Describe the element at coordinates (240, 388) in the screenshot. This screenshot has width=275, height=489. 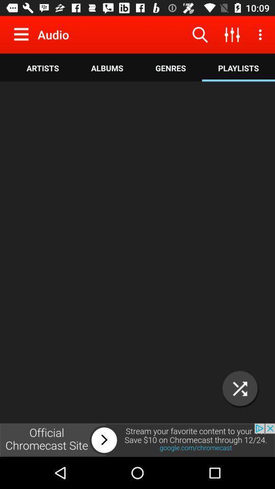
I see `optician` at that location.